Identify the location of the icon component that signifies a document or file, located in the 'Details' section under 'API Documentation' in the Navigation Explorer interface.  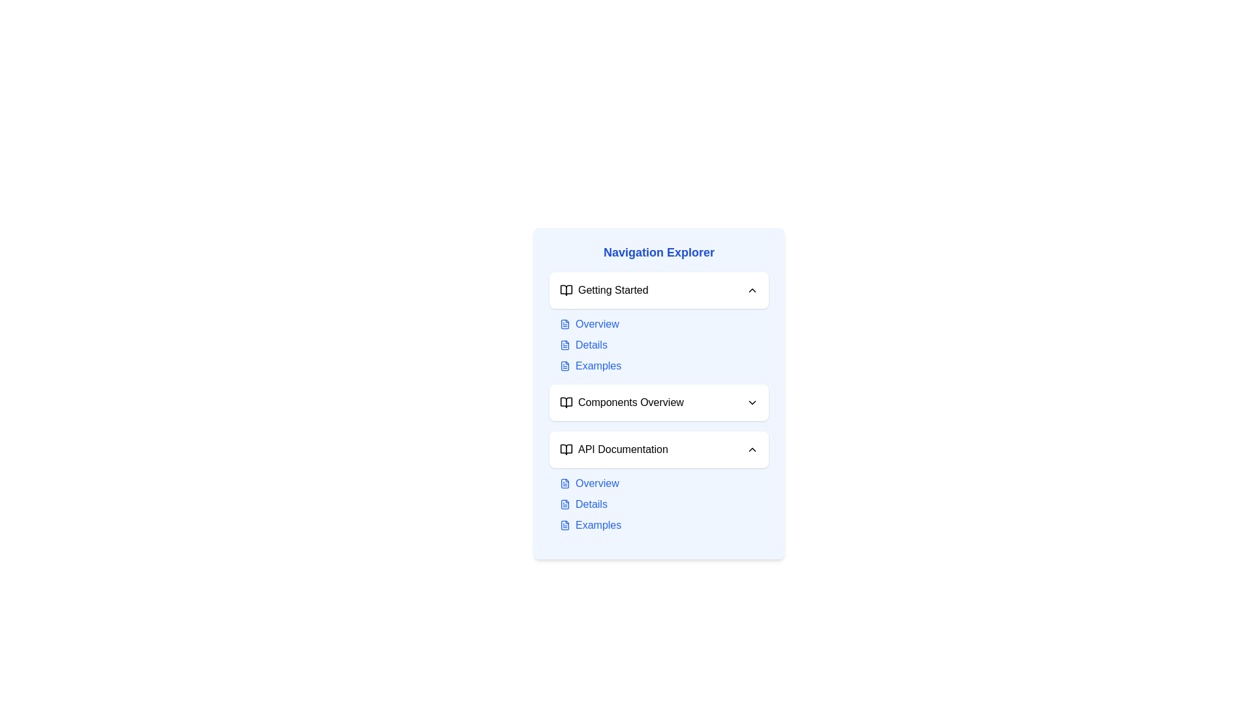
(565, 503).